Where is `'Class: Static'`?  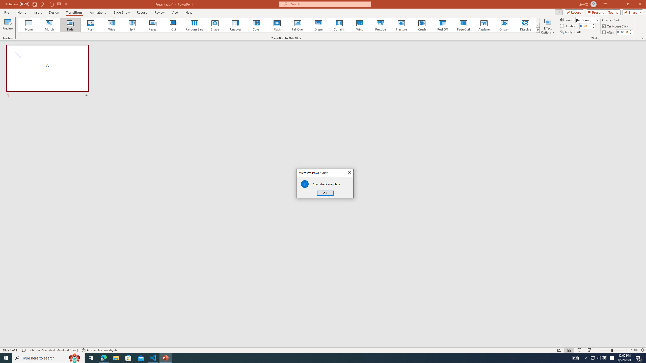 'Class: Static' is located at coordinates (305, 184).